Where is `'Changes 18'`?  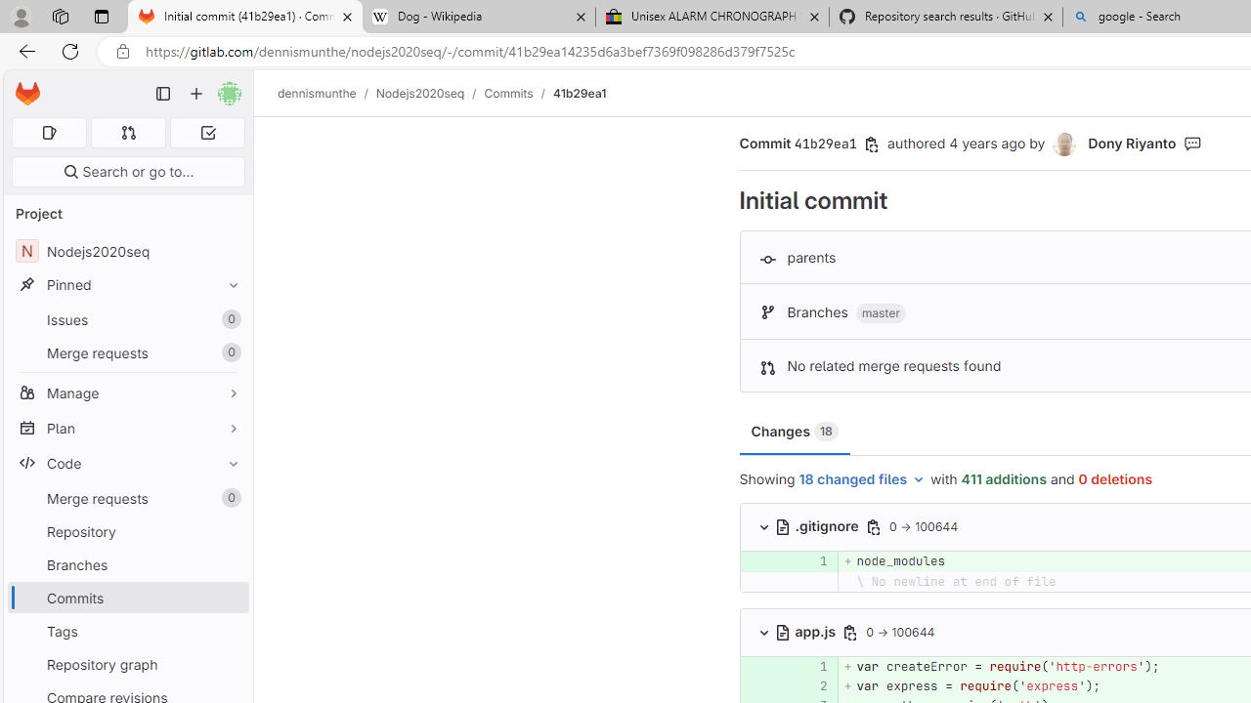 'Changes 18' is located at coordinates (795, 431).